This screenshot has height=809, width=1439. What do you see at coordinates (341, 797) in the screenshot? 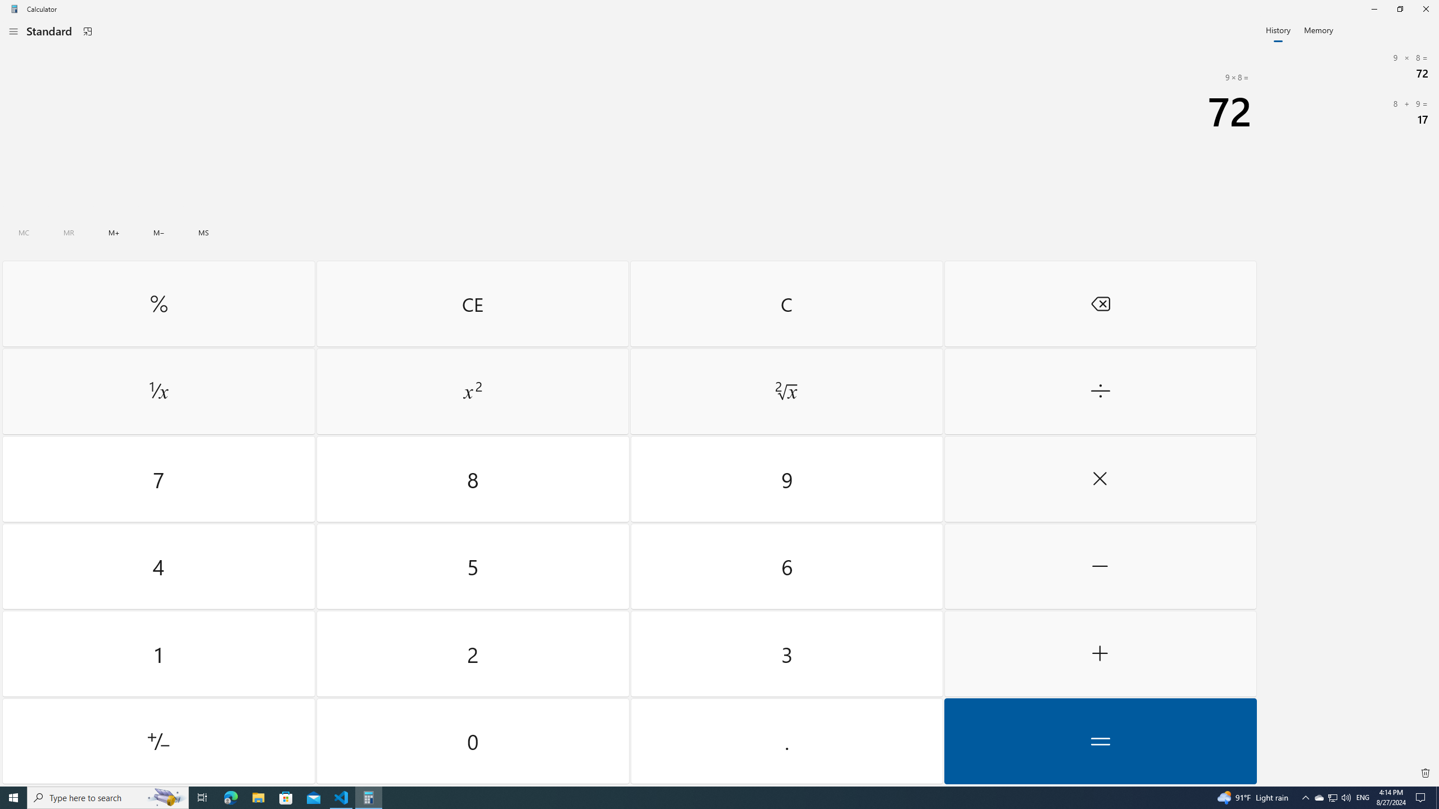
I see `'Visual Studio Code - 1 running window'` at bounding box center [341, 797].